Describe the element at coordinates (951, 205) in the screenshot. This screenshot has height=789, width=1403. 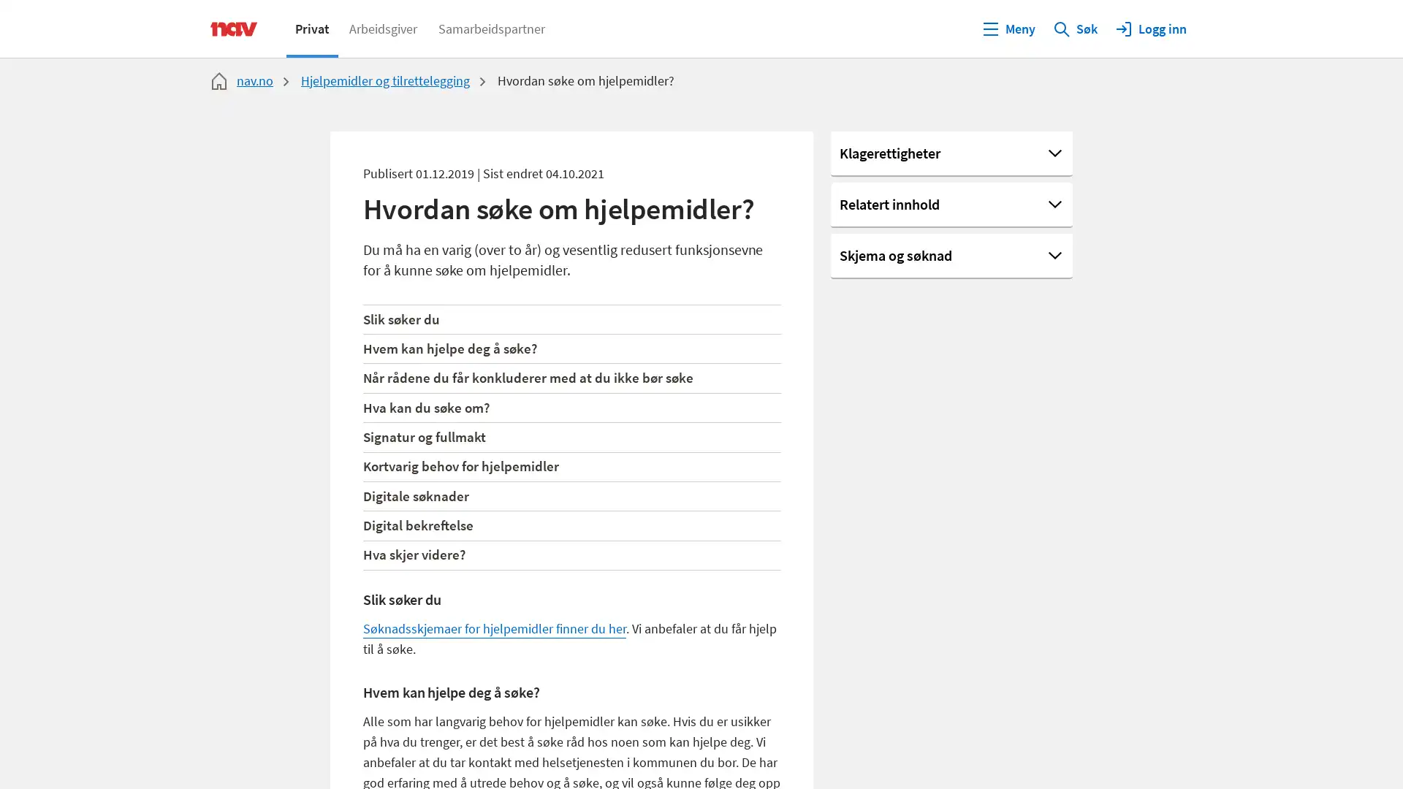
I see `Relatert innhold` at that location.